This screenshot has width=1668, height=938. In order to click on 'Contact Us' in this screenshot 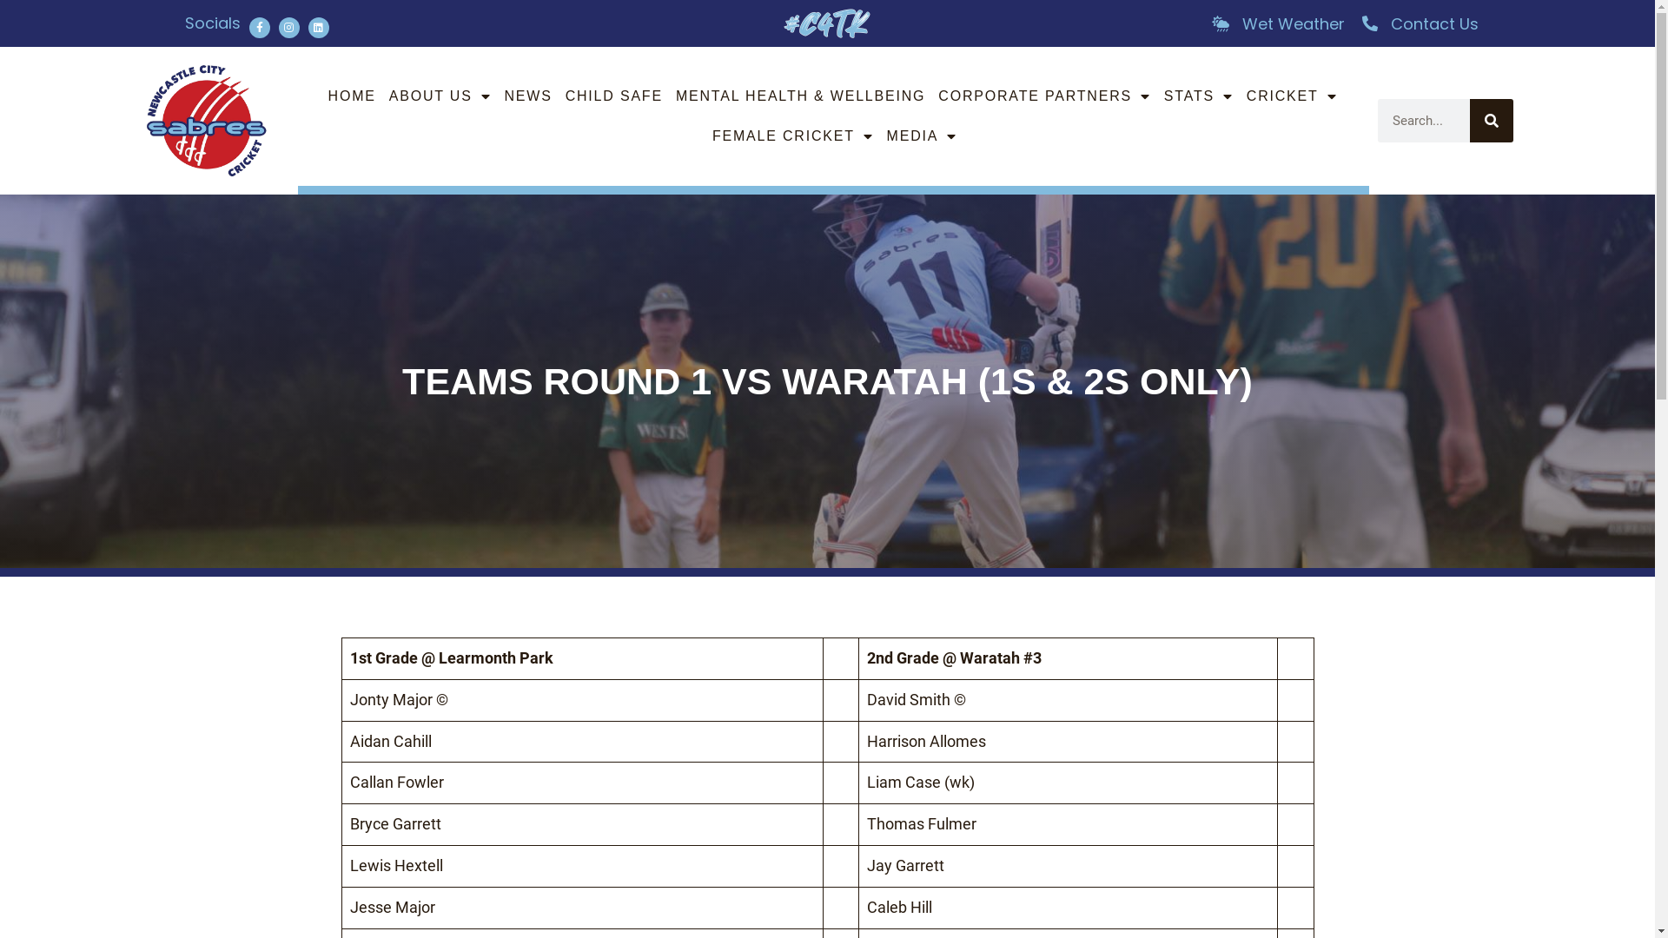, I will do `click(1419, 23)`.